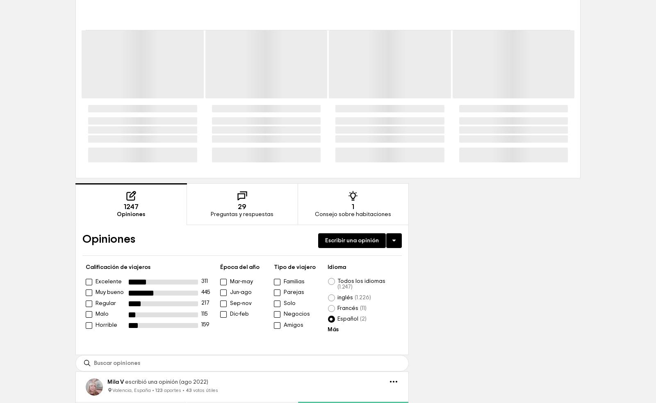 This screenshot has height=403, width=656. Describe the element at coordinates (294, 381) in the screenshot. I see `'Amigos'` at that location.